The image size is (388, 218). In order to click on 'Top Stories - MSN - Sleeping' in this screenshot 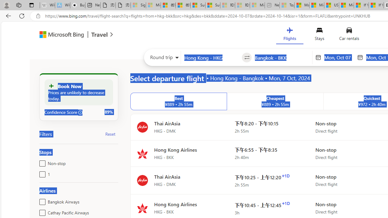, I will do `click(287, 5)`.